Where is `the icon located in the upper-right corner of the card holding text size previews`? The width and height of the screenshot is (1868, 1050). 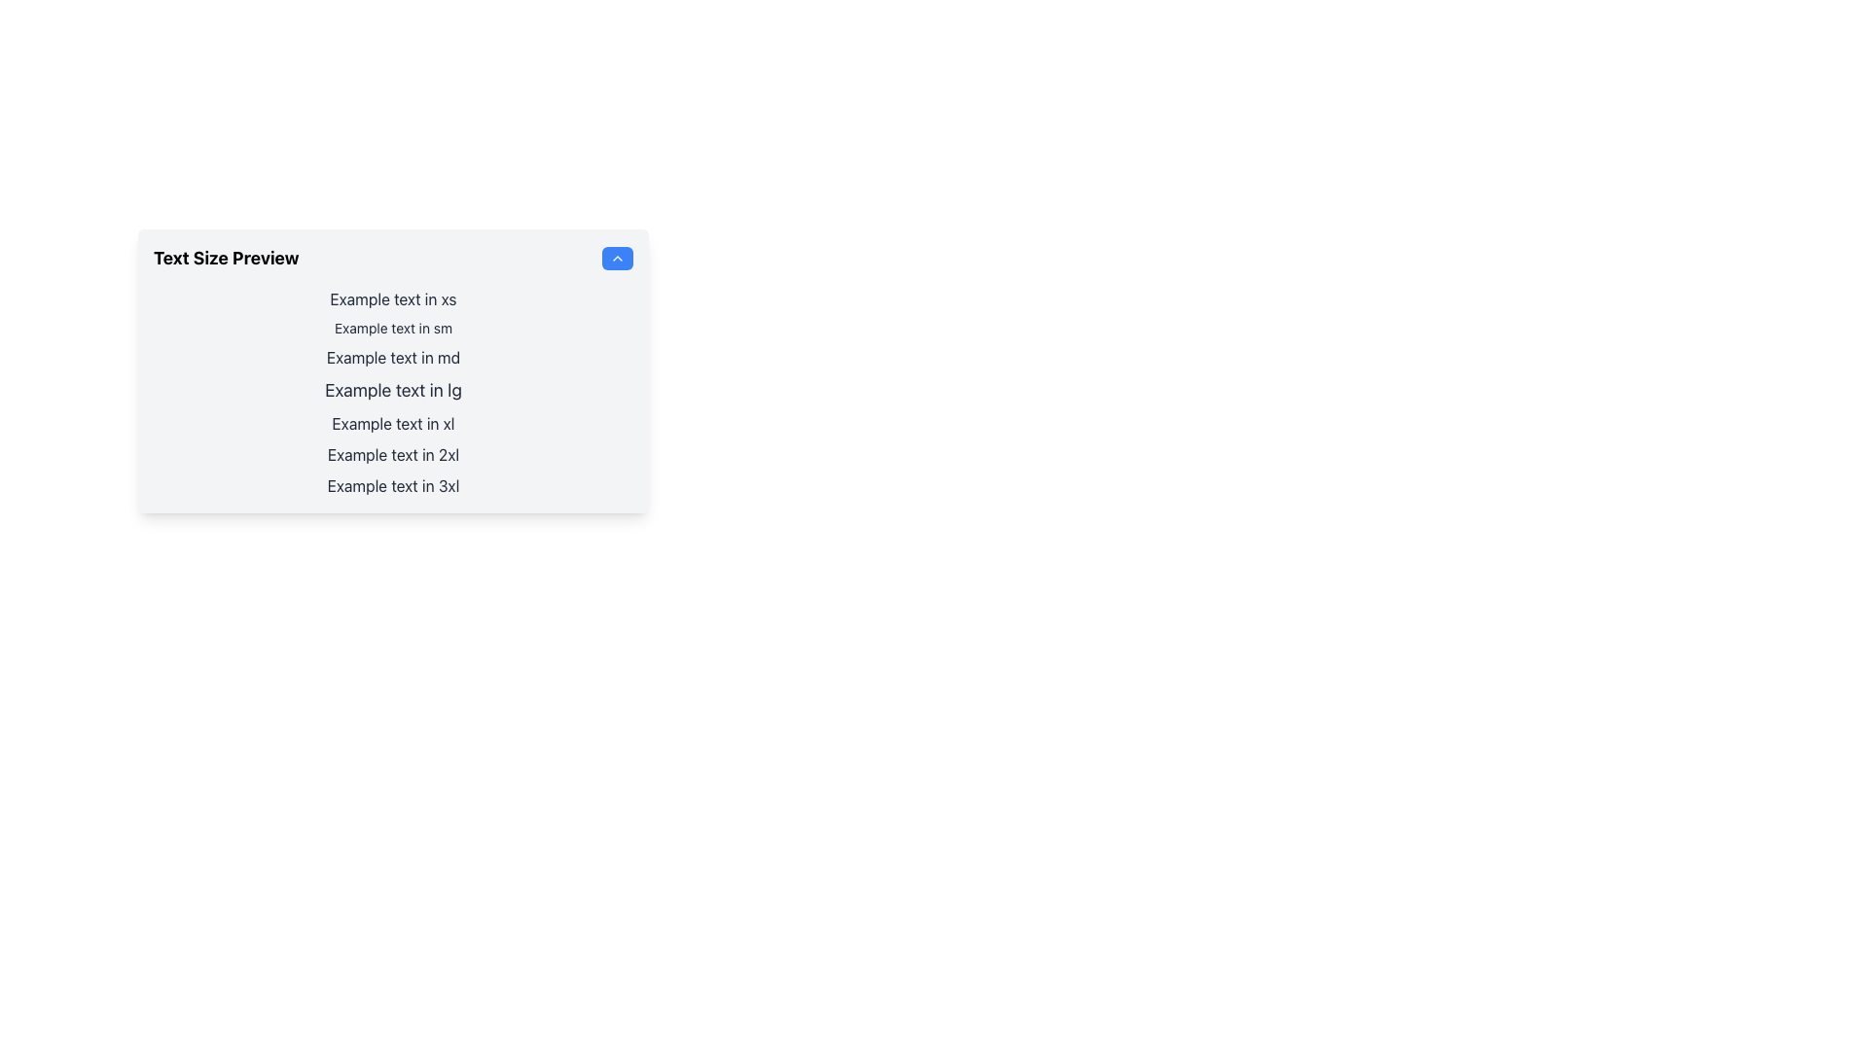
the icon located in the upper-right corner of the card holding text size previews is located at coordinates (616, 258).